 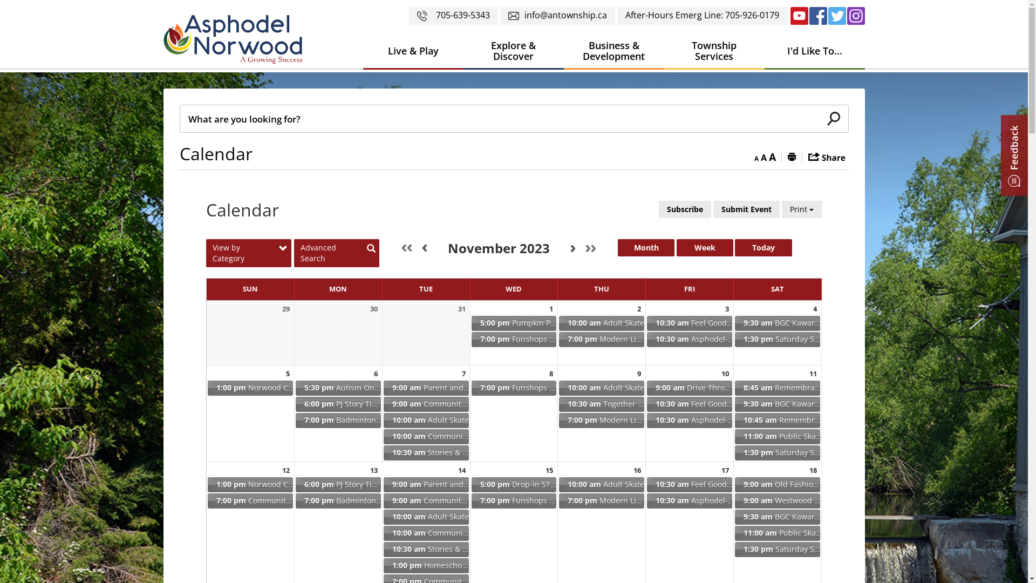 What do you see at coordinates (499, 16) in the screenshot?
I see `'info@antownship.ca'` at bounding box center [499, 16].